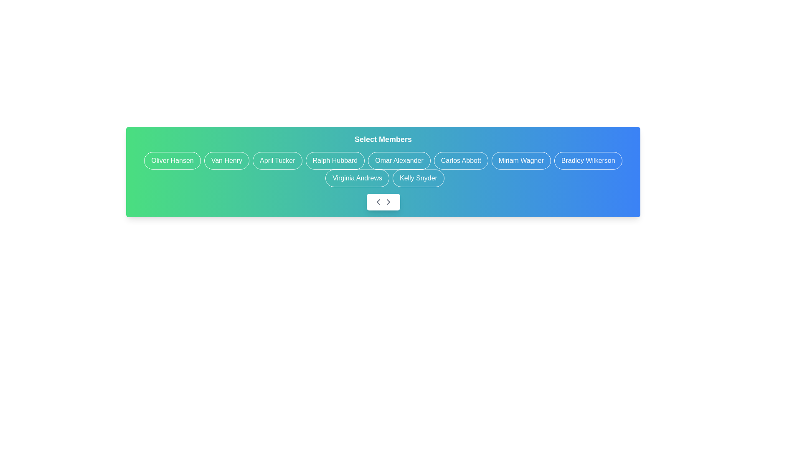  Describe the element at coordinates (357, 178) in the screenshot. I see `the rounded button labeled 'Virginia Andrews'` at that location.